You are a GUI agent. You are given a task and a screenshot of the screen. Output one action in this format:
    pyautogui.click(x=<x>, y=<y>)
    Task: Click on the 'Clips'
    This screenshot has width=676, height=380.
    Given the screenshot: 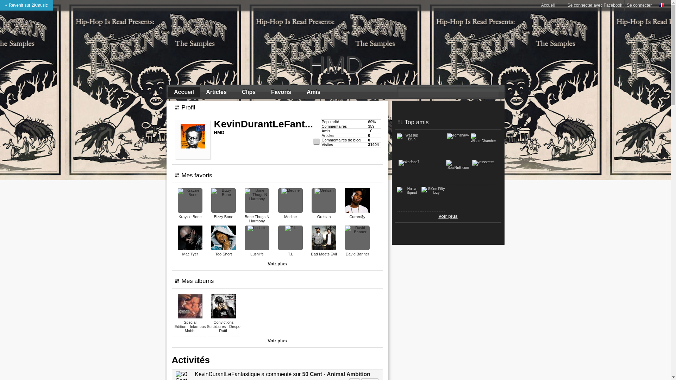 What is the action you would take?
    pyautogui.click(x=249, y=92)
    